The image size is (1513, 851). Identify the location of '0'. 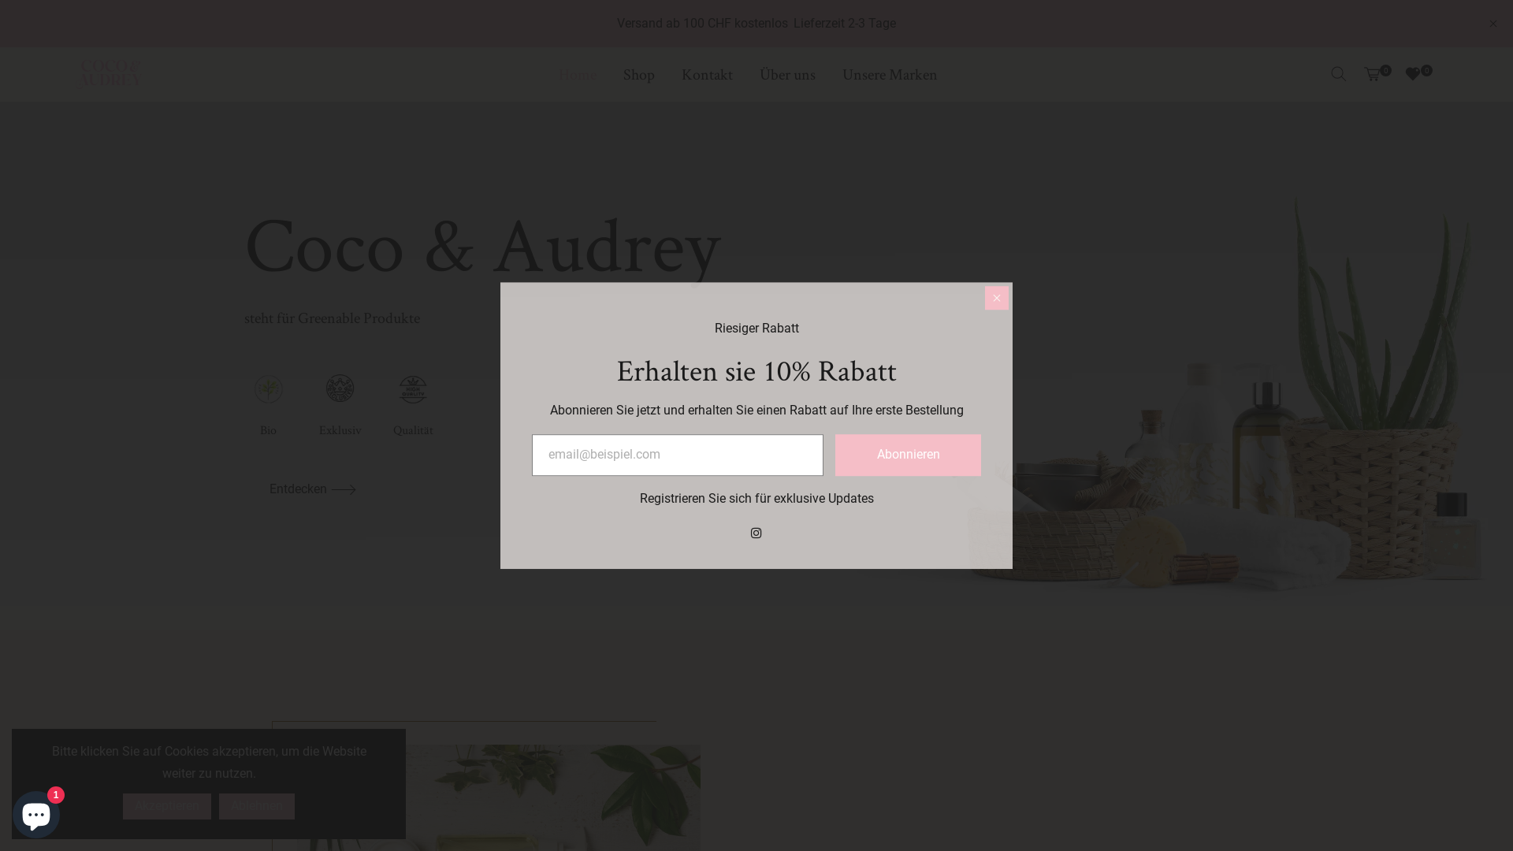
(1355, 73).